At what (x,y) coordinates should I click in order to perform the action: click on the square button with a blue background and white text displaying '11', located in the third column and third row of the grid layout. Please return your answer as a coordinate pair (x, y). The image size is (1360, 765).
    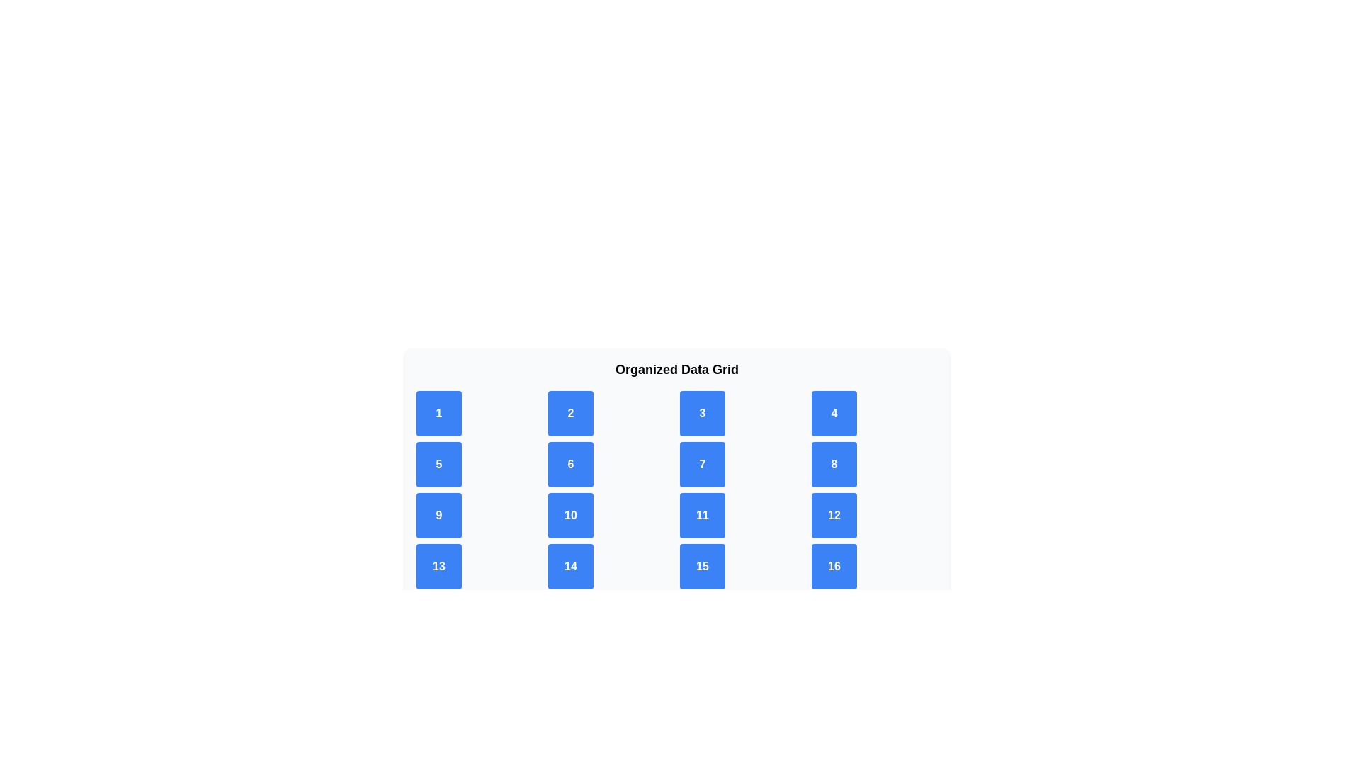
    Looking at the image, I should click on (703, 516).